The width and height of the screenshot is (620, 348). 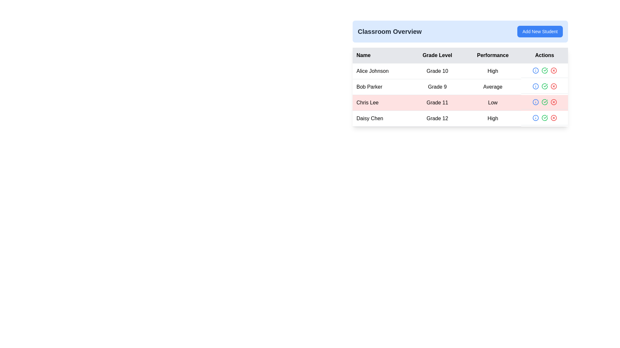 What do you see at coordinates (437, 102) in the screenshot?
I see `the static text label displaying 'Grade 11', which is part of a data table row for 'Chris Lee', located in the second column under 'Grade Level'` at bounding box center [437, 102].